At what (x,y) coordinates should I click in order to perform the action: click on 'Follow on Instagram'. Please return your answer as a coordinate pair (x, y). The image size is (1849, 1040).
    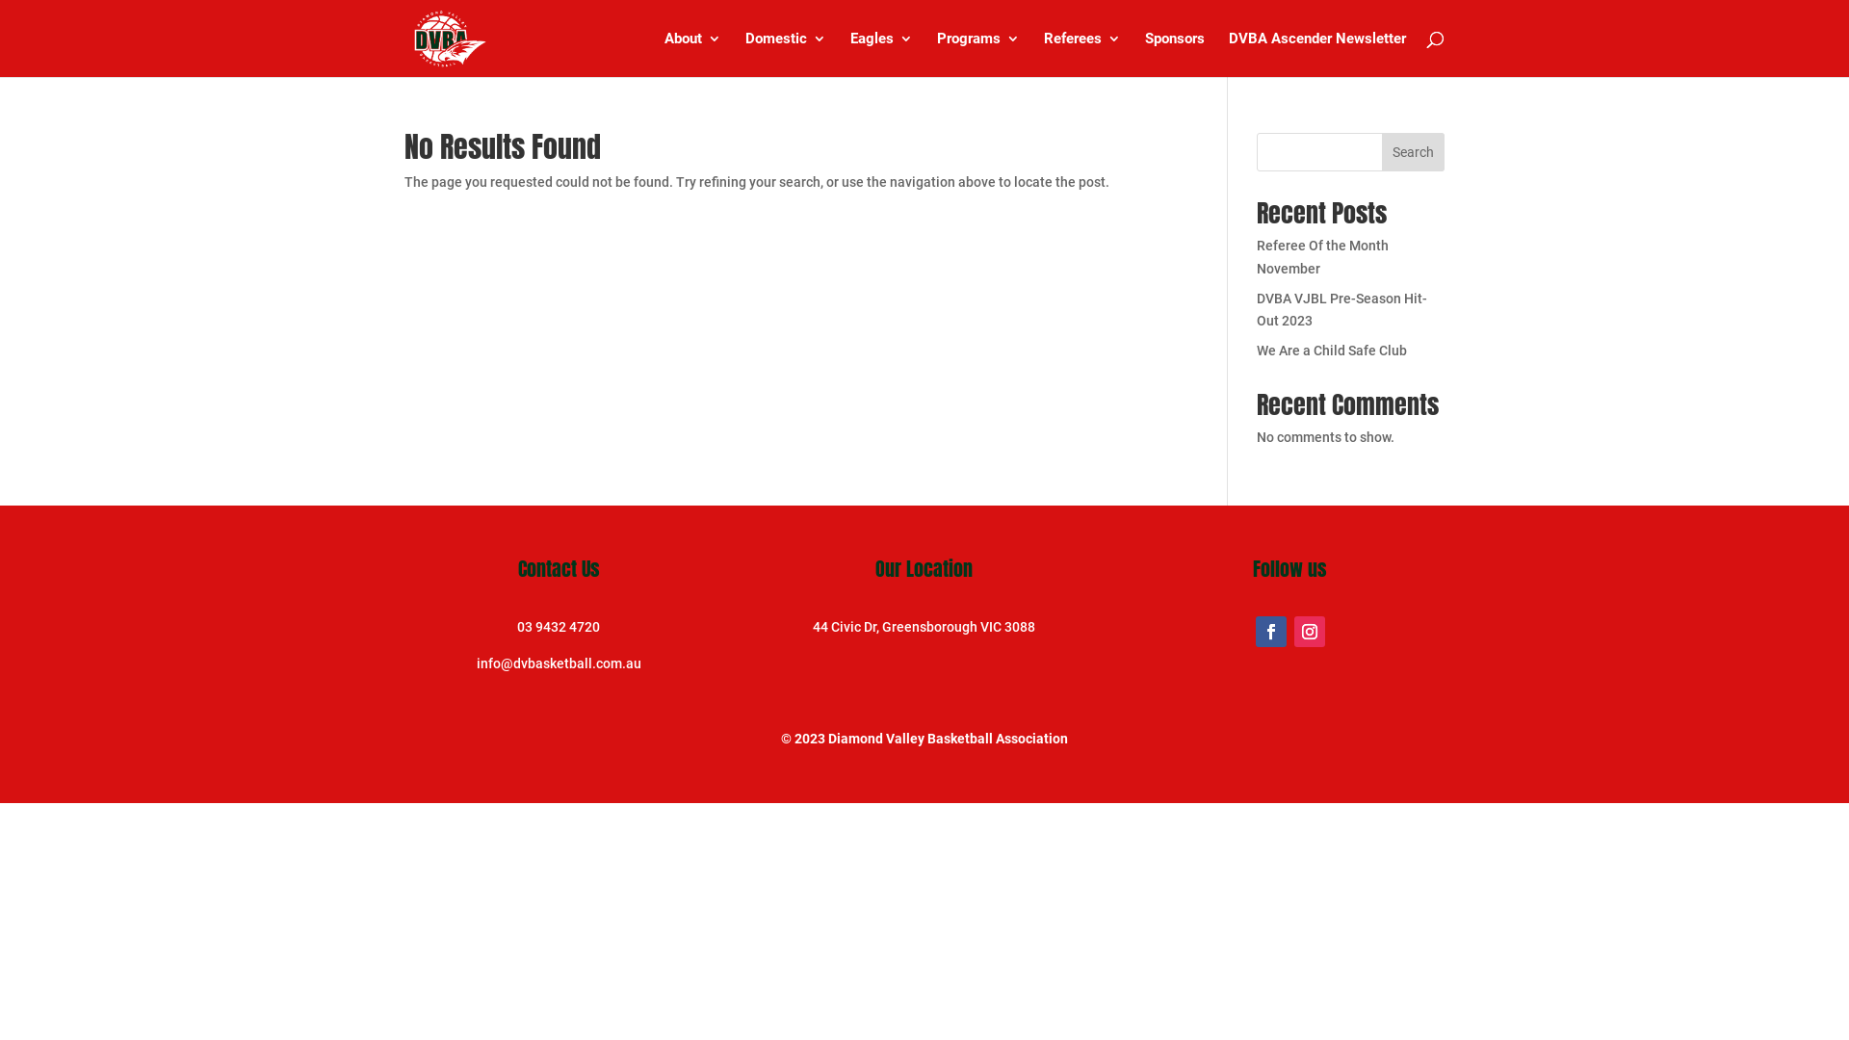
    Looking at the image, I should click on (1309, 631).